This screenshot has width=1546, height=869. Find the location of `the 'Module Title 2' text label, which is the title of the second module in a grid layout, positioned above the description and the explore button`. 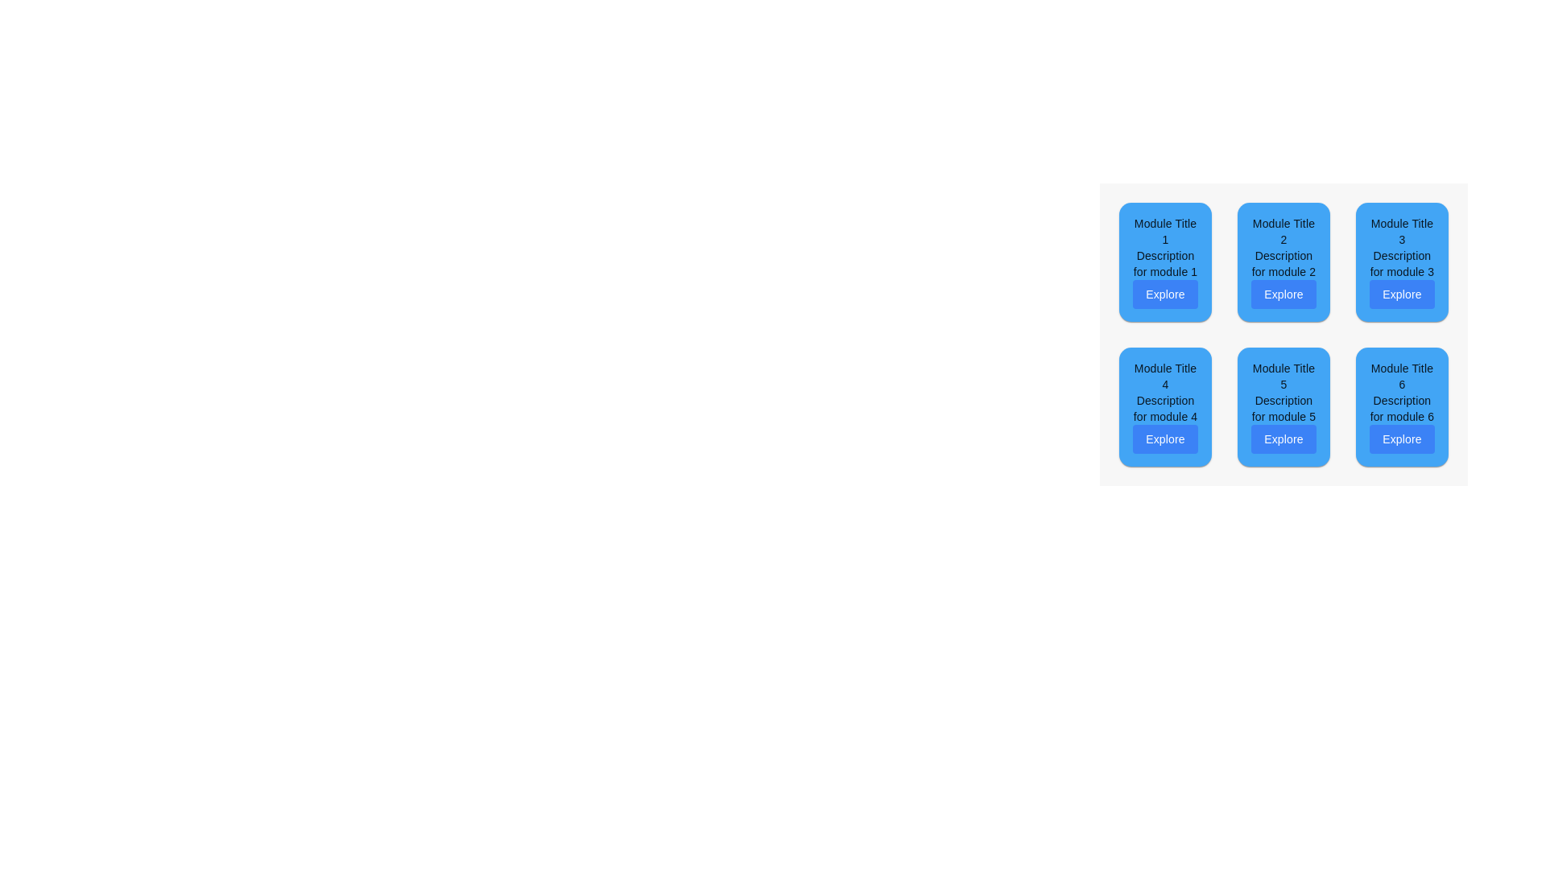

the 'Module Title 2' text label, which is the title of the second module in a grid layout, positioned above the description and the explore button is located at coordinates (1283, 232).